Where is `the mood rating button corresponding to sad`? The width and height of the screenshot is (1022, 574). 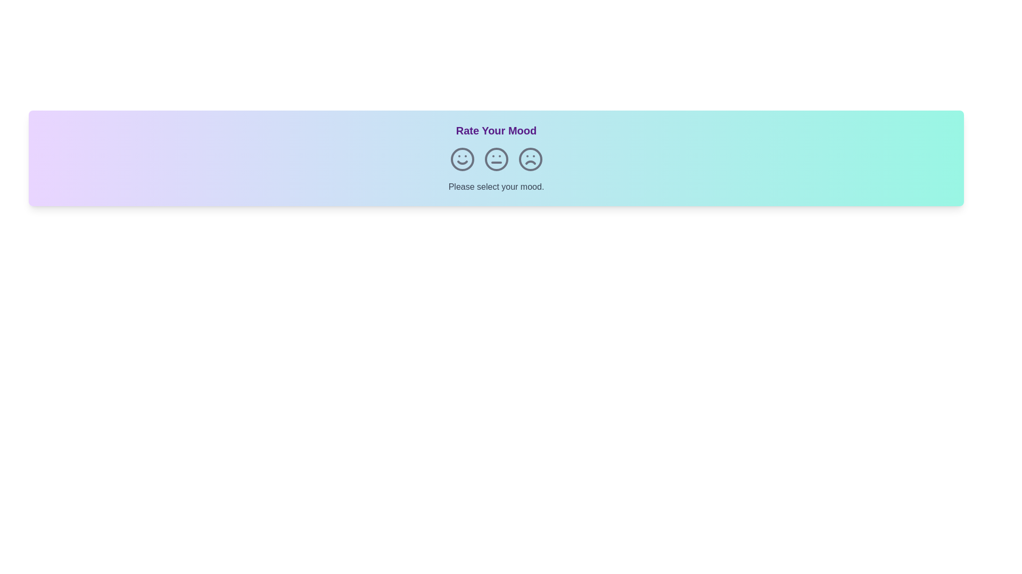 the mood rating button corresponding to sad is located at coordinates (530, 159).